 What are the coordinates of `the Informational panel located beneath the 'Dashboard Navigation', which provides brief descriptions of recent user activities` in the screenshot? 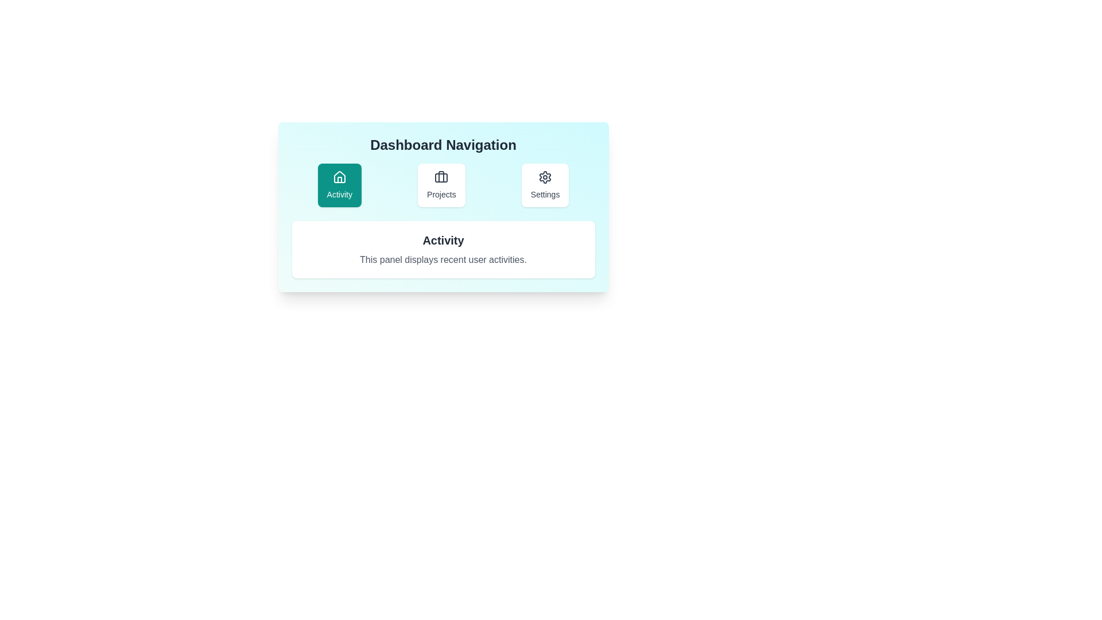 It's located at (443, 249).